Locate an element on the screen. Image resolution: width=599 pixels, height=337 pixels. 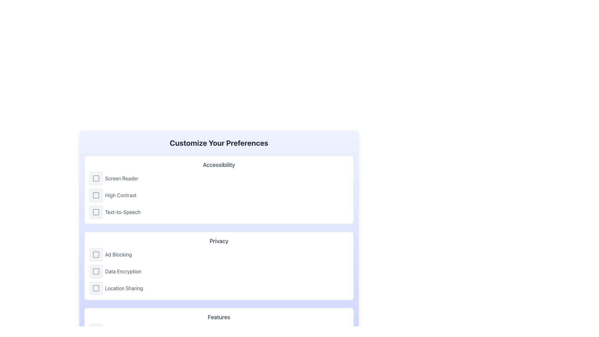
the Checkbox element located to the left of the 'Text-to-Speech' label in the 'Accessibility' section of the preferences customization UI is located at coordinates (95, 212).